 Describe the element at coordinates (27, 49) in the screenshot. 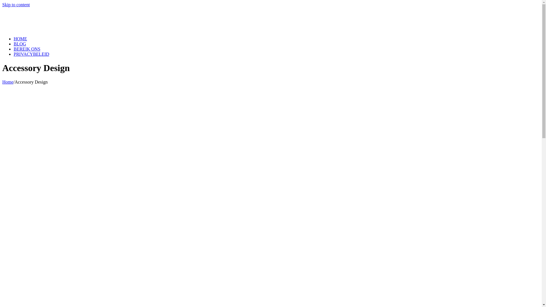

I see `'BEREIK ONS'` at that location.